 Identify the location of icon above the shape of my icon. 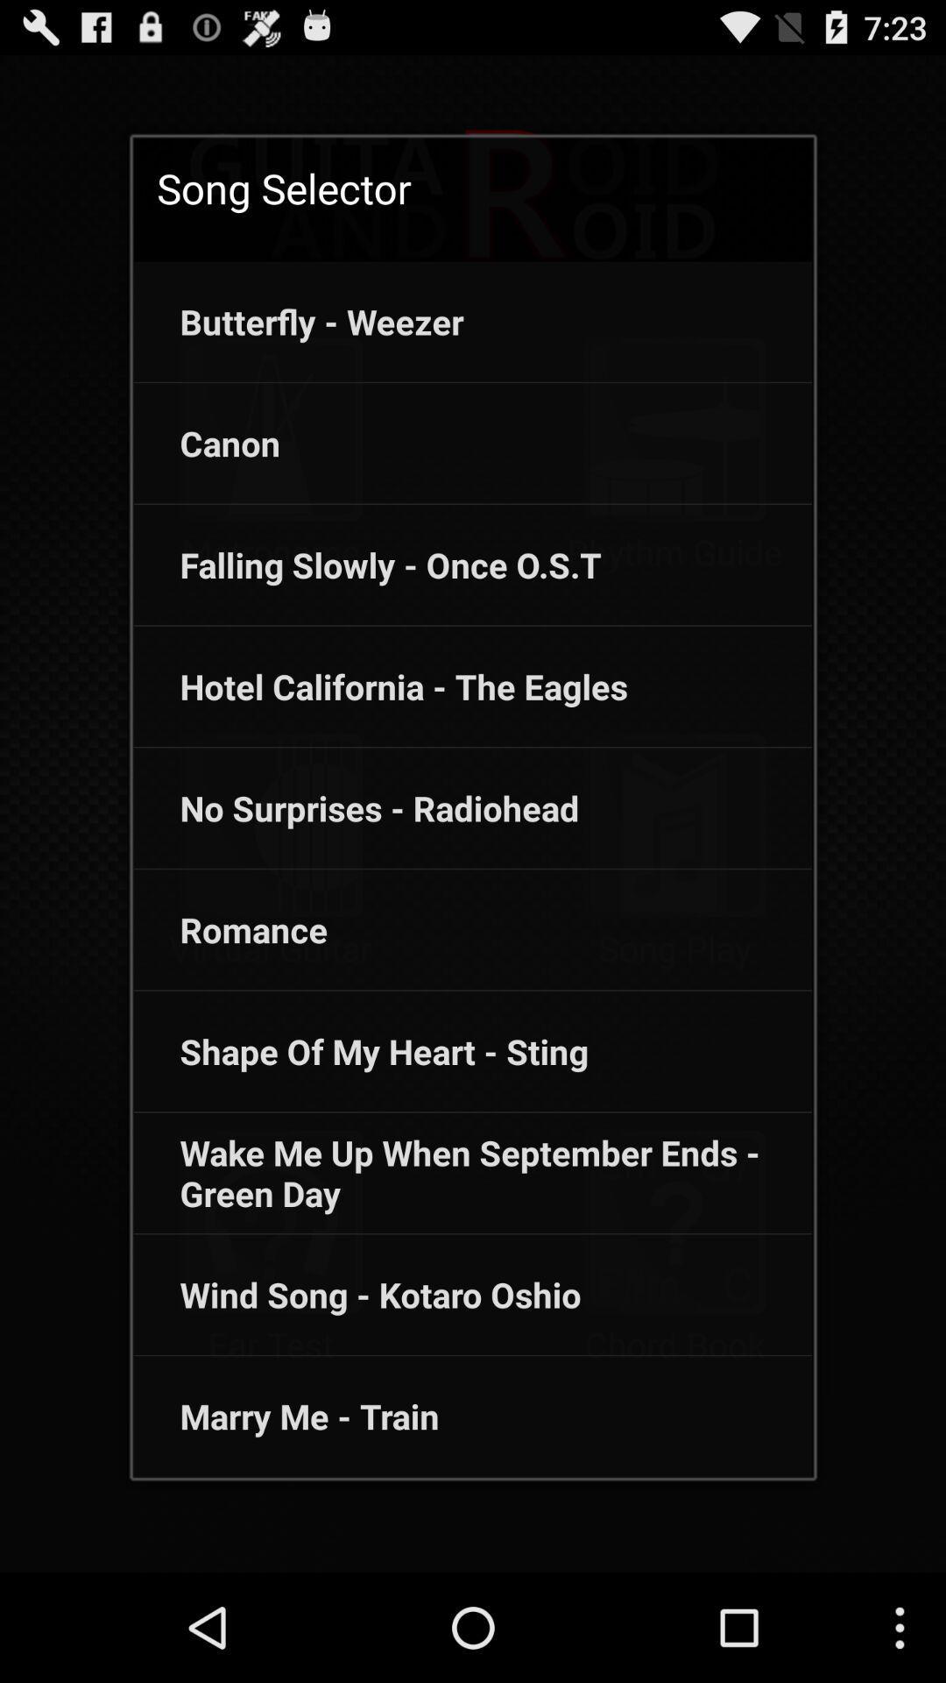
(229, 928).